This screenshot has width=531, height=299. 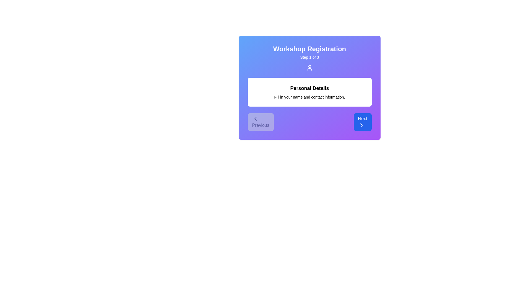 I want to click on the appearance of the small, right-facing chevron icon within the 'Next' button located in the bottom right corner of the modal, so click(x=361, y=125).